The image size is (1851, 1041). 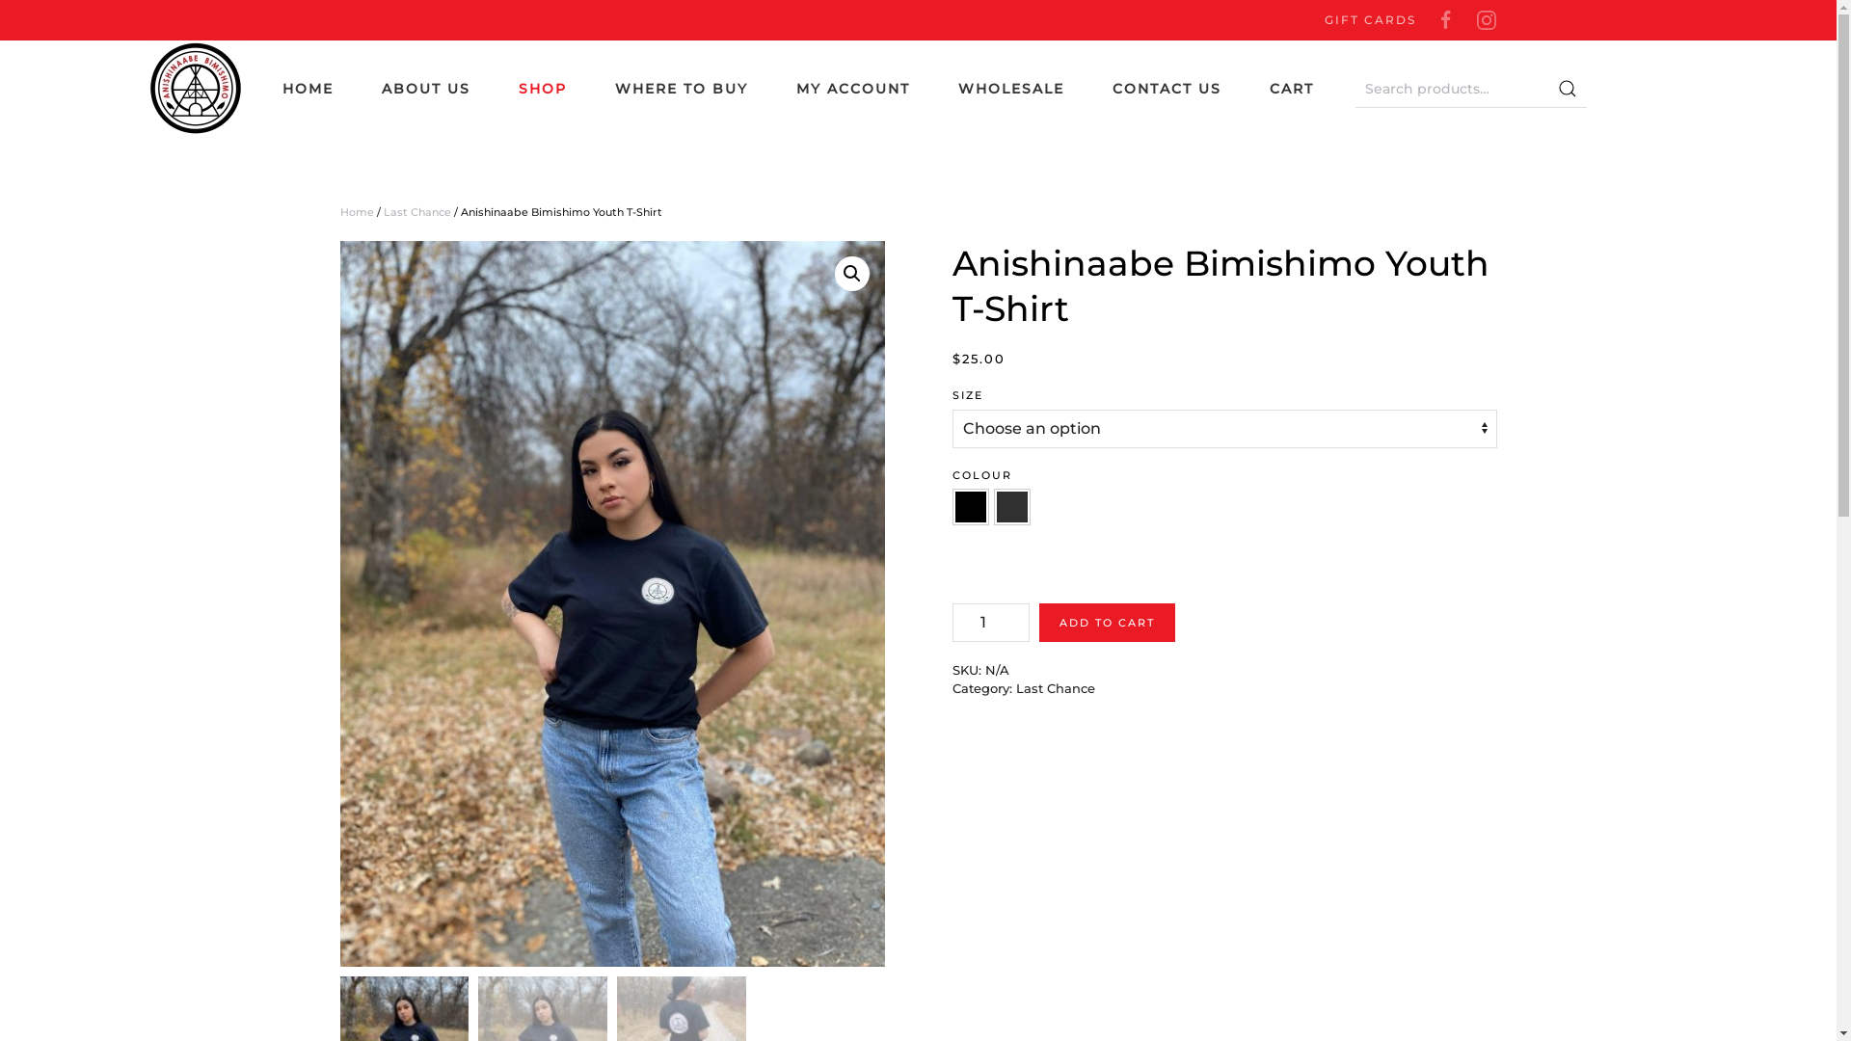 I want to click on 'CART', so click(x=1258, y=89).